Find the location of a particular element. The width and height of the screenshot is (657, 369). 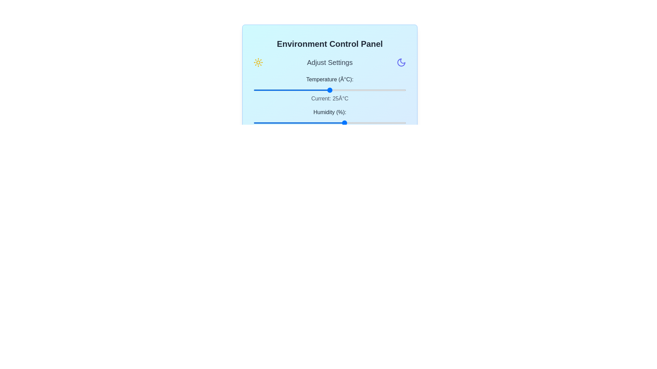

the humidity slider to 18% is located at coordinates (281, 122).